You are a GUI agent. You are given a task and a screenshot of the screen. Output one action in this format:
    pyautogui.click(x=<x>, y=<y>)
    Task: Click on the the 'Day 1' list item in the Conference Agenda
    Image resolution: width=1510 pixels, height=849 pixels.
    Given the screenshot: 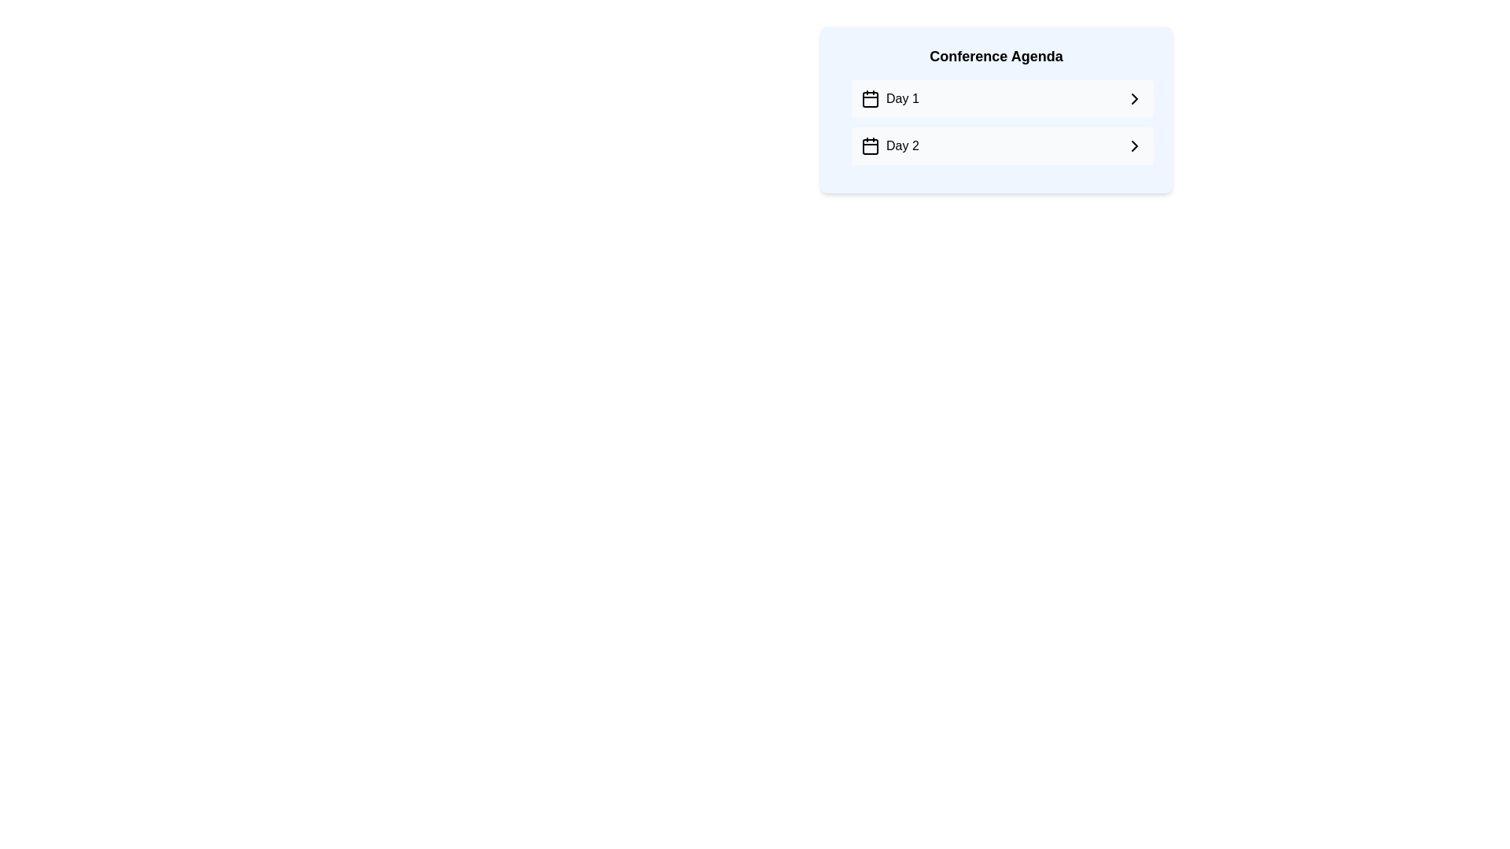 What is the action you would take?
    pyautogui.click(x=889, y=99)
    